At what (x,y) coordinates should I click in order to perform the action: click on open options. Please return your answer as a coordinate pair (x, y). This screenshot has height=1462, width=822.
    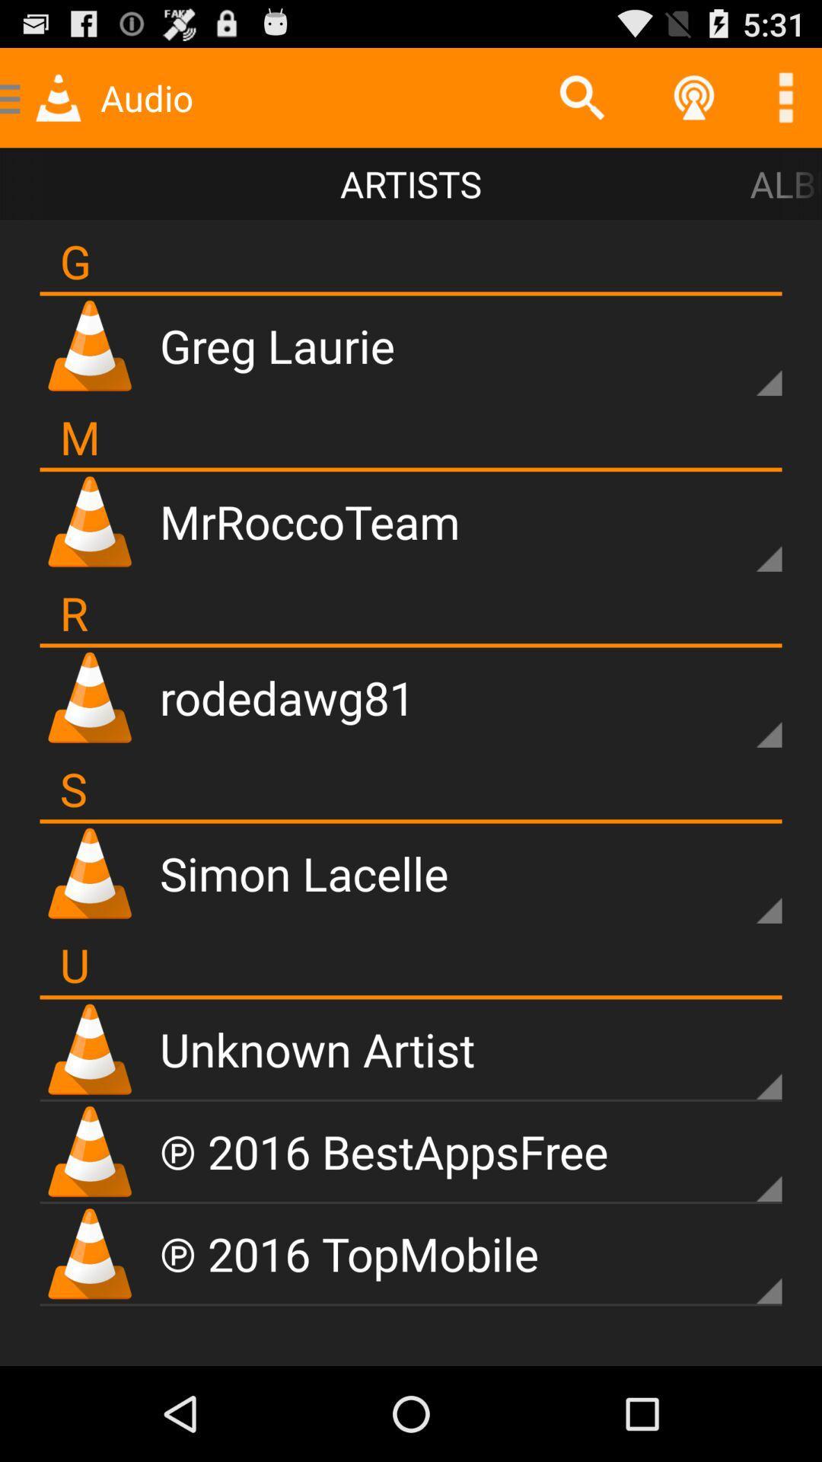
    Looking at the image, I should click on (785, 97).